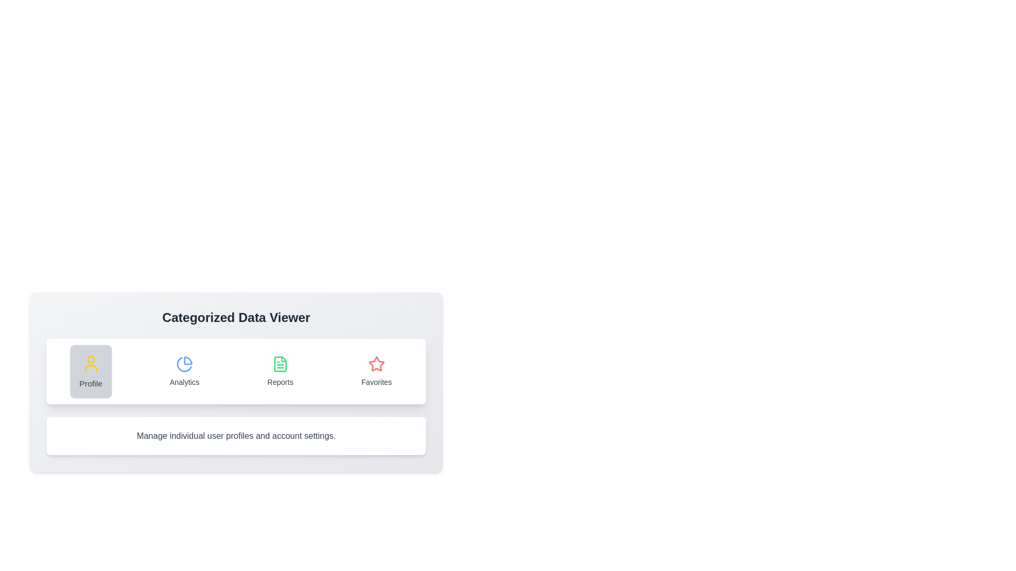 This screenshot has height=571, width=1016. I want to click on the 'Reports' tab to view the reports-related information, so click(280, 371).